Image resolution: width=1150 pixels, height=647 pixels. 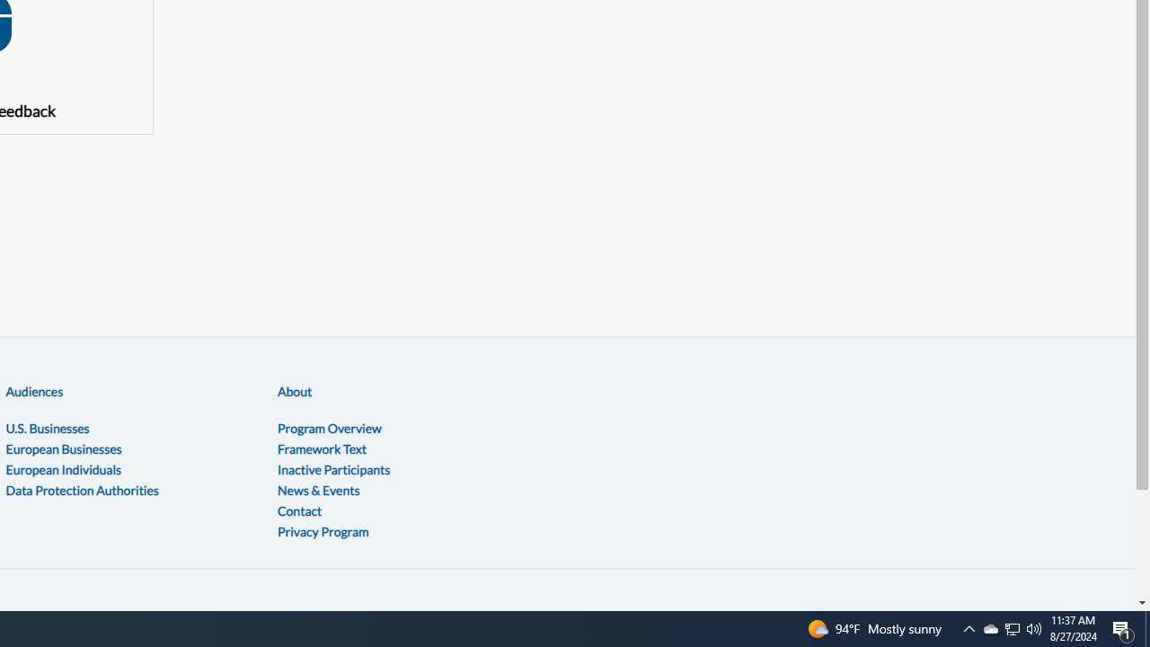 I want to click on 'Framework Text', so click(x=322, y=448).